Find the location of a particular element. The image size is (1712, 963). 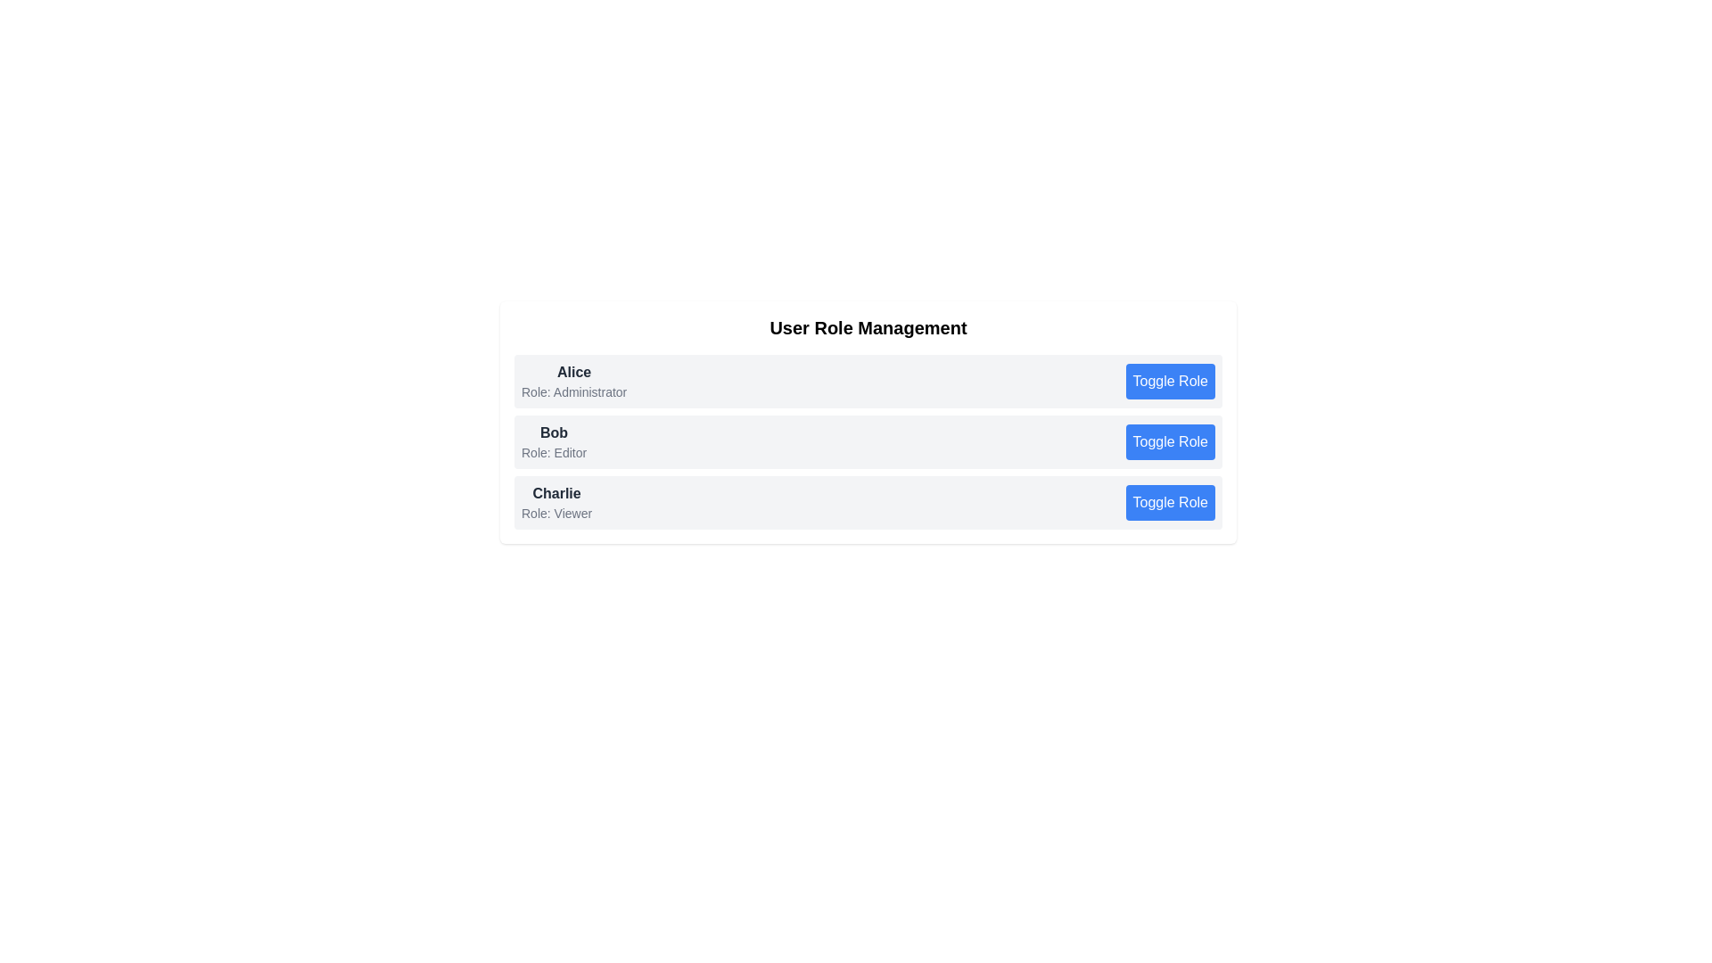

the 'Toggle Role' button, which is a rectangular button with rounded corners, blue background, and white text, located to the right of the entry for 'Bob' in the user list interface, and focus on it using the keyboard is located at coordinates (1170, 441).